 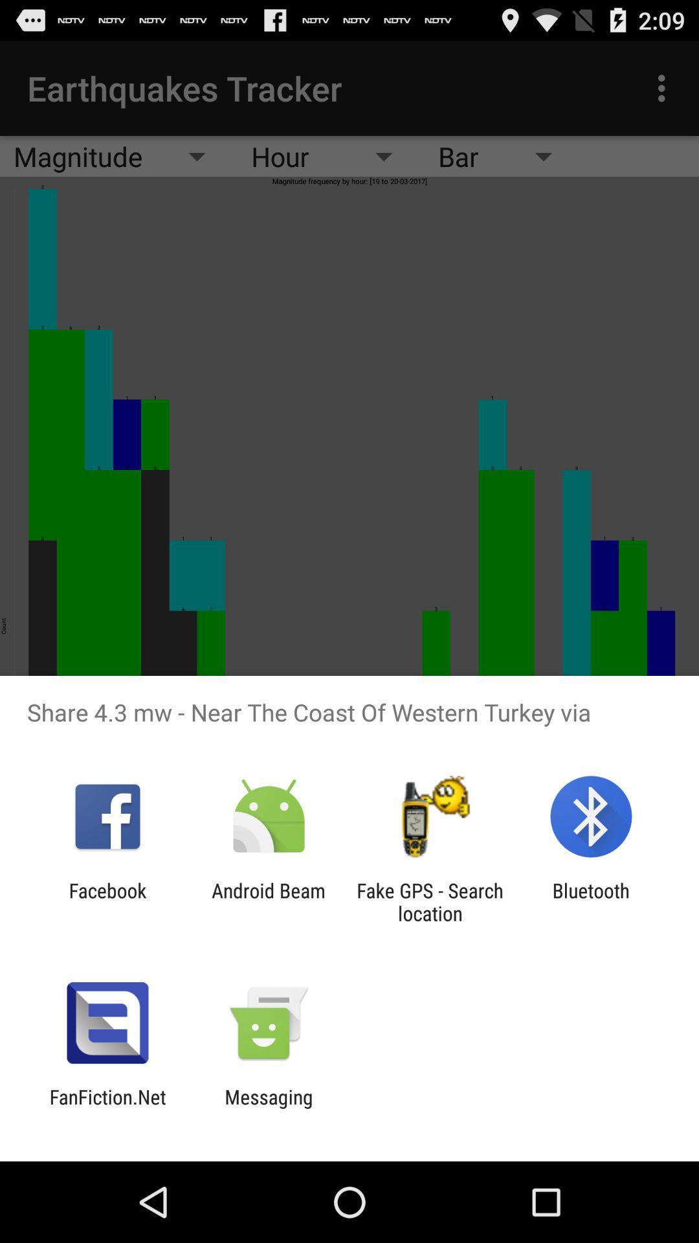 What do you see at coordinates (107, 901) in the screenshot?
I see `the app next to the android beam app` at bounding box center [107, 901].